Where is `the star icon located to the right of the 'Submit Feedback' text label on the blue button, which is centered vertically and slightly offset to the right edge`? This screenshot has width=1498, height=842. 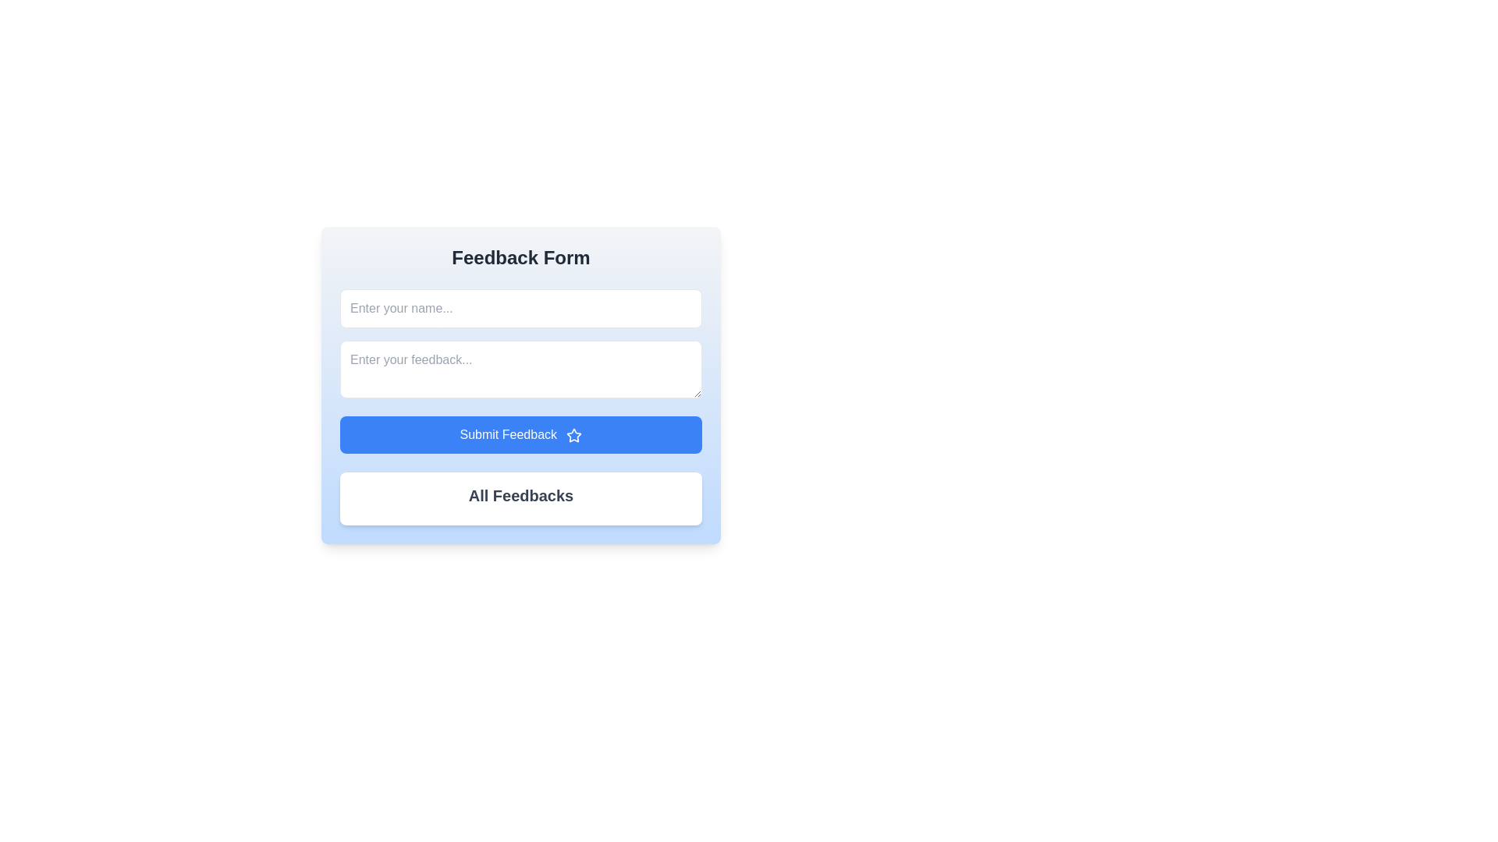 the star icon located to the right of the 'Submit Feedback' text label on the blue button, which is centered vertically and slightly offset to the right edge is located at coordinates (573, 435).